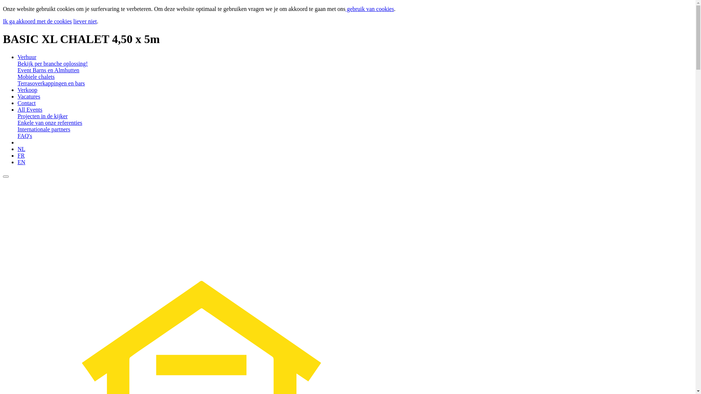 Image resolution: width=701 pixels, height=394 pixels. Describe the element at coordinates (85, 21) in the screenshot. I see `'liever niet'` at that location.